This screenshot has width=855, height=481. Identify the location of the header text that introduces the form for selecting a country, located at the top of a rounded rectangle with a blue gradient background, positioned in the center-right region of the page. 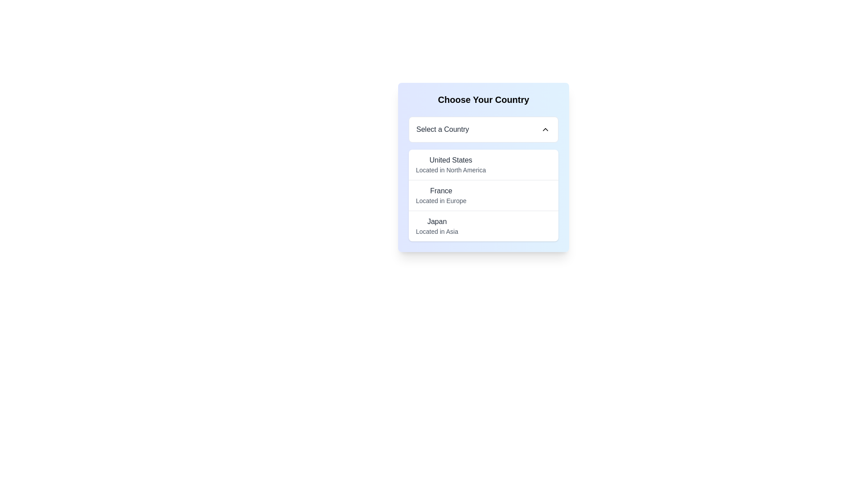
(483, 99).